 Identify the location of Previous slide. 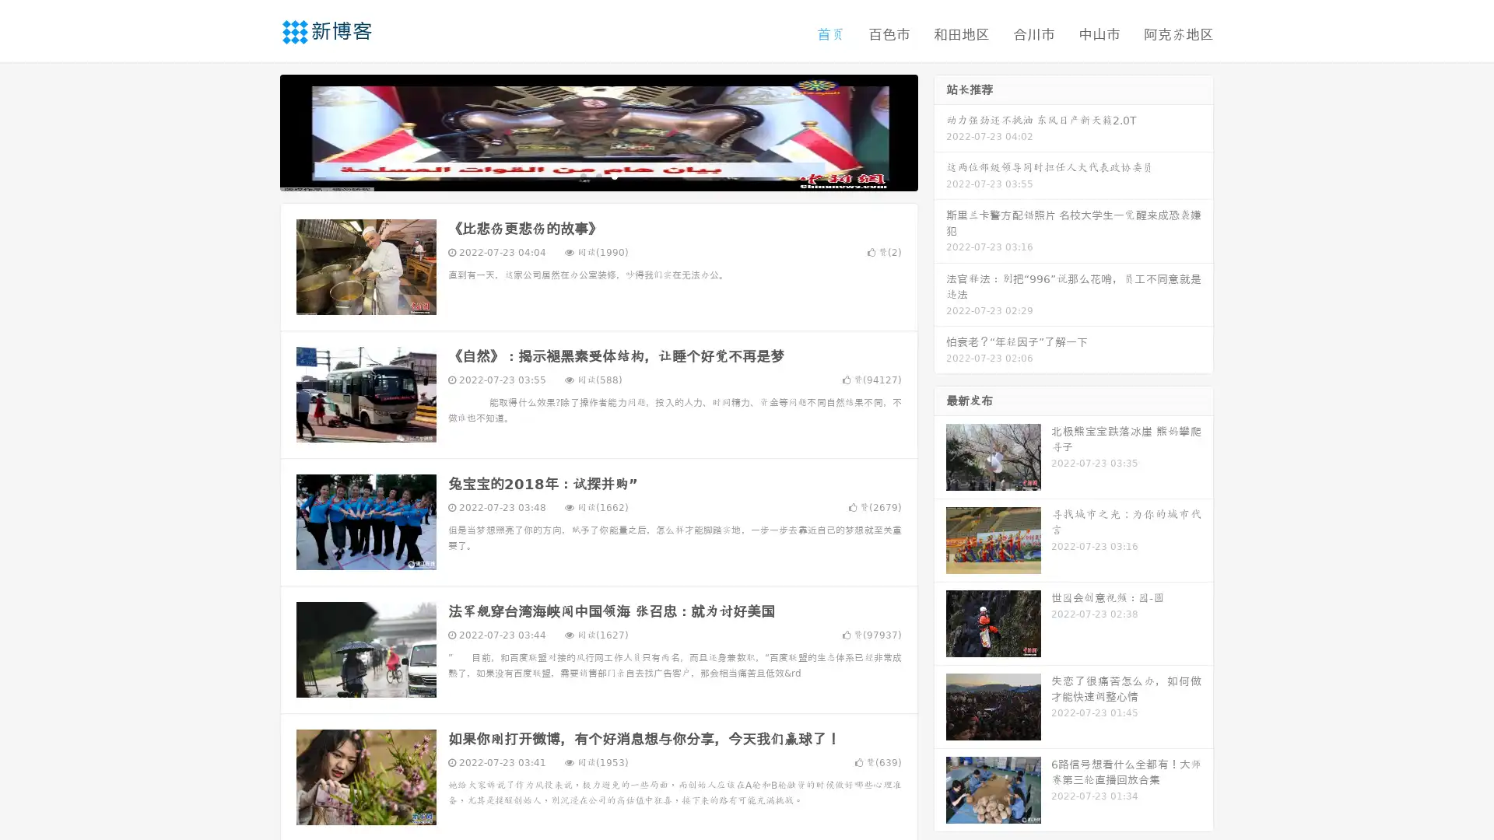
(257, 131).